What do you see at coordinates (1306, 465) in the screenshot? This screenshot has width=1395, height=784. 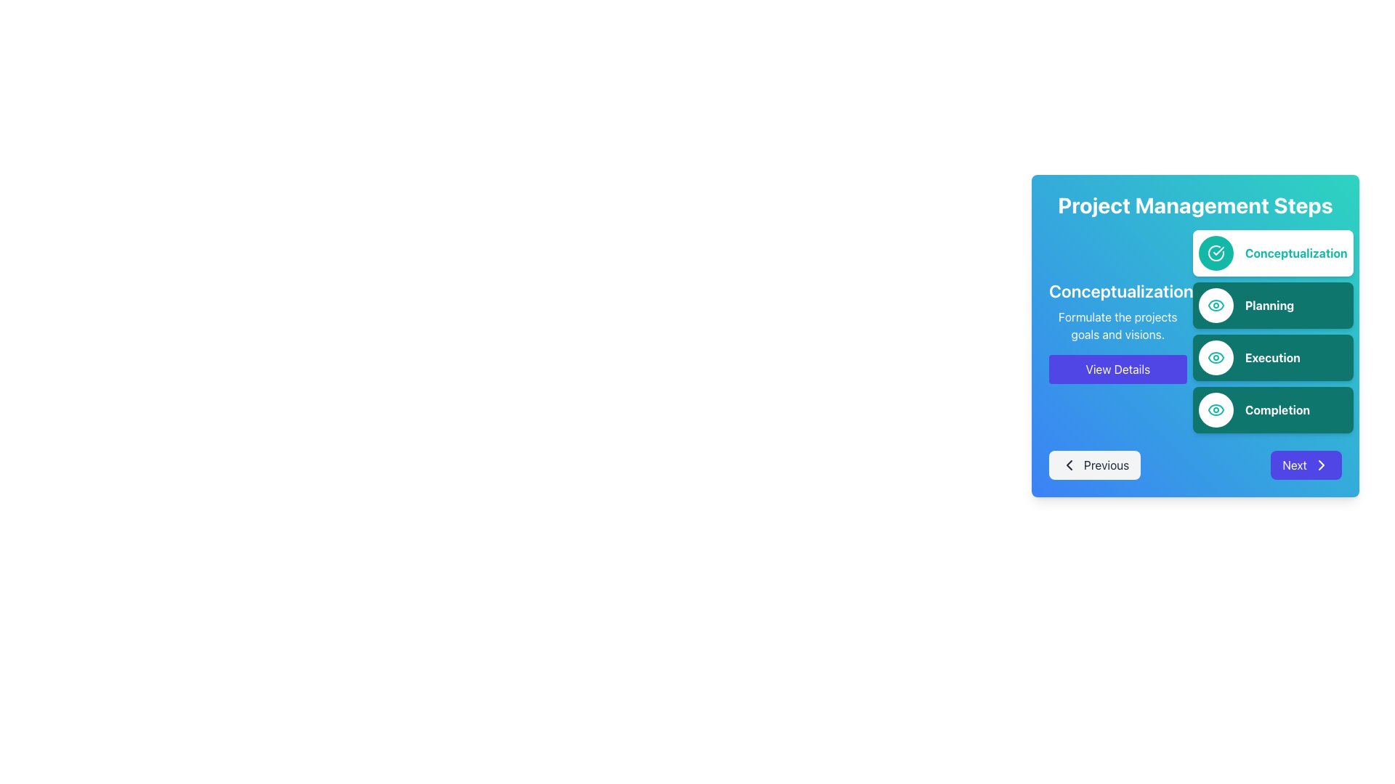 I see `the 'Next' button with a gradient blue background and white text in bold sans-serif font` at bounding box center [1306, 465].